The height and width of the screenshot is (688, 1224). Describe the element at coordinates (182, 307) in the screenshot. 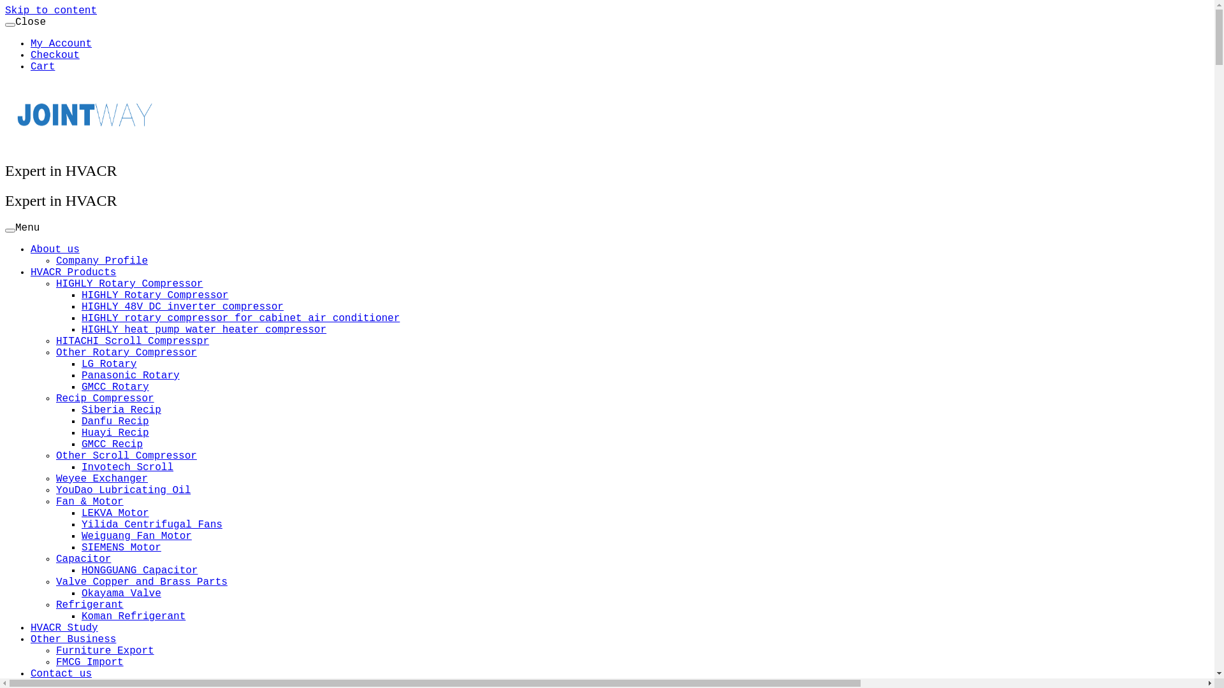

I see `'HIGHLY 48V DC inverter compressor'` at that location.